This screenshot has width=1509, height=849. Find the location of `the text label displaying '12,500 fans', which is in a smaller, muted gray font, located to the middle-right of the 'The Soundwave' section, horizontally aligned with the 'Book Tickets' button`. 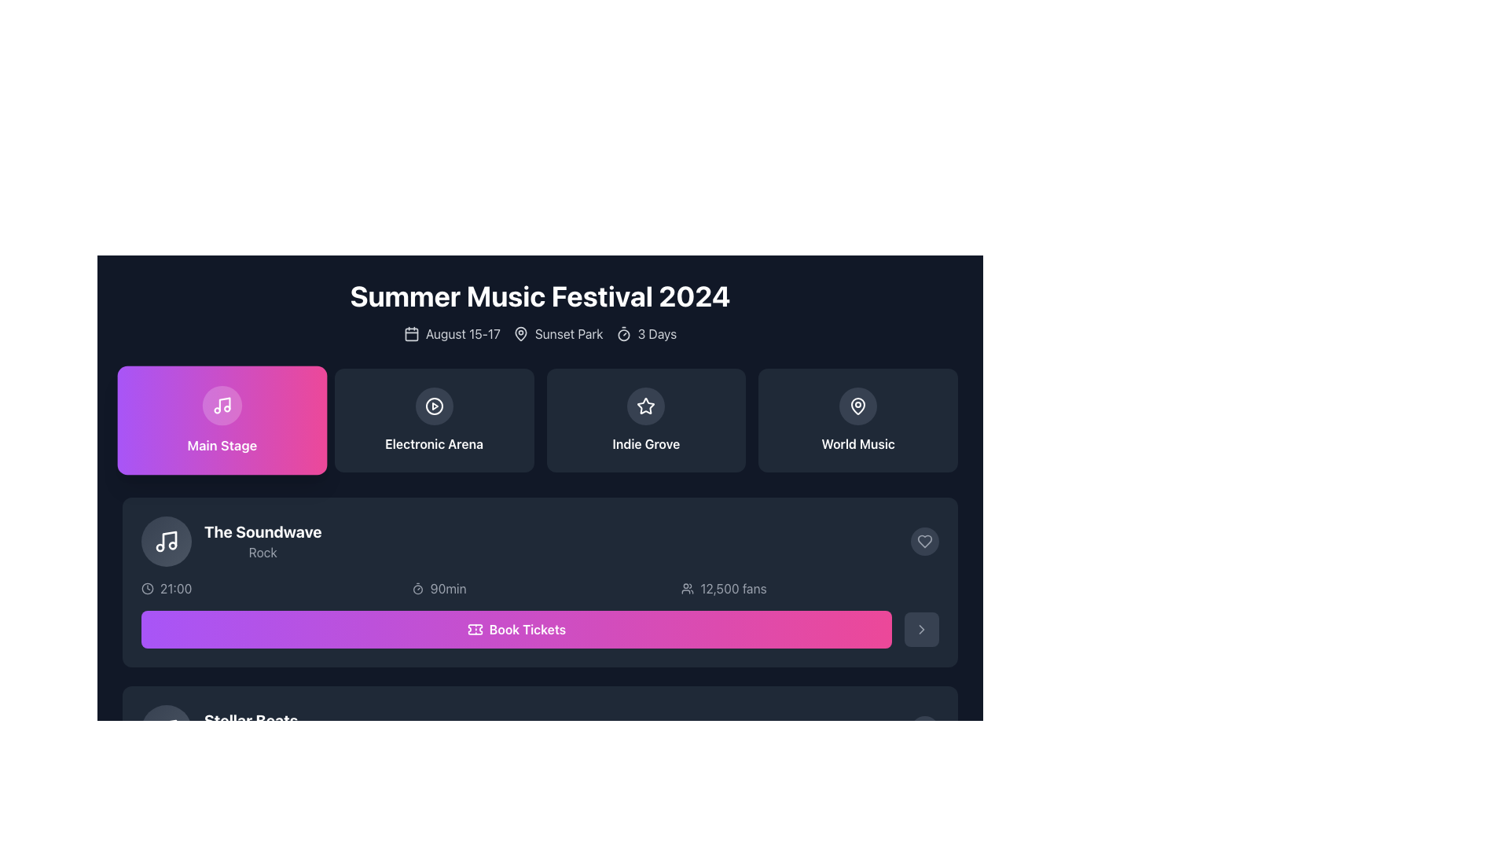

the text label displaying '12,500 fans', which is in a smaller, muted gray font, located to the middle-right of the 'The Soundwave' section, horizontally aligned with the 'Book Tickets' button is located at coordinates (732, 588).